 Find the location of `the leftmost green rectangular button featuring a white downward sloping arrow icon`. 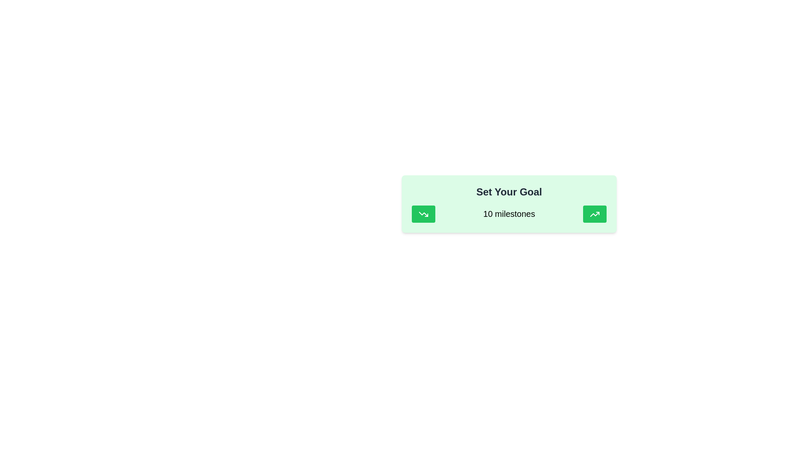

the leftmost green rectangular button featuring a white downward sloping arrow icon is located at coordinates (423, 213).